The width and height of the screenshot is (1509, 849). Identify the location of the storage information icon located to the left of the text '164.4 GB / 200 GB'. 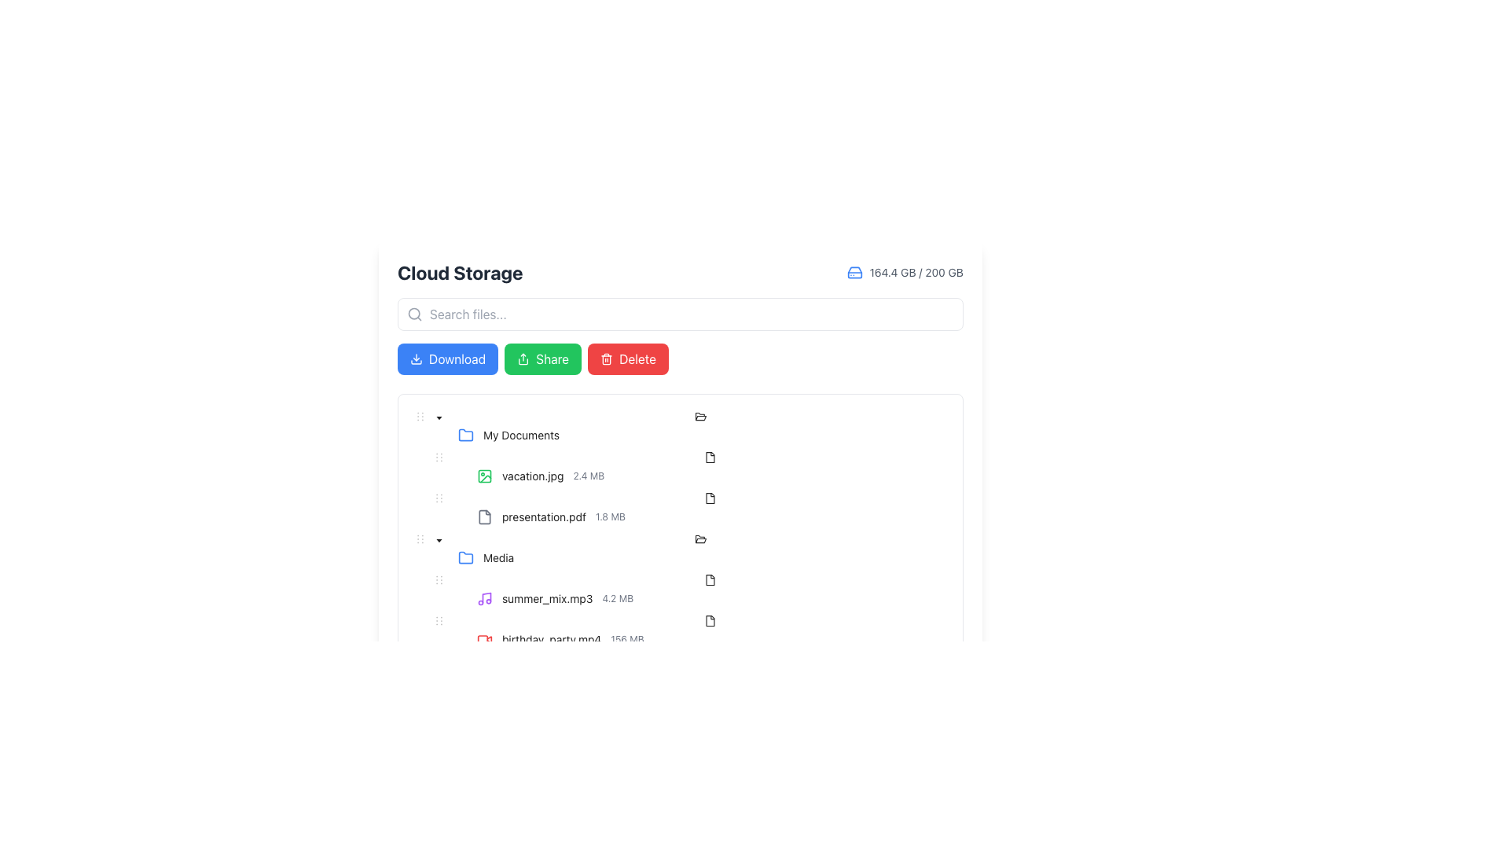
(854, 272).